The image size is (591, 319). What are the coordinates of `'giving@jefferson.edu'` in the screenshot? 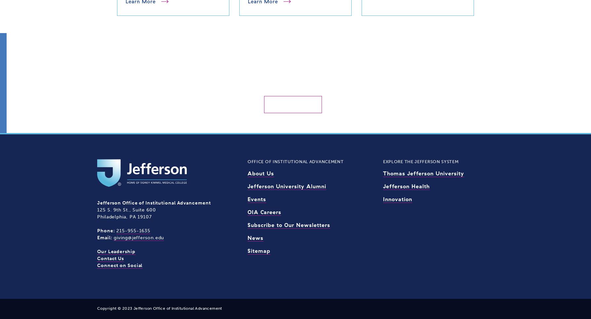 It's located at (138, 237).